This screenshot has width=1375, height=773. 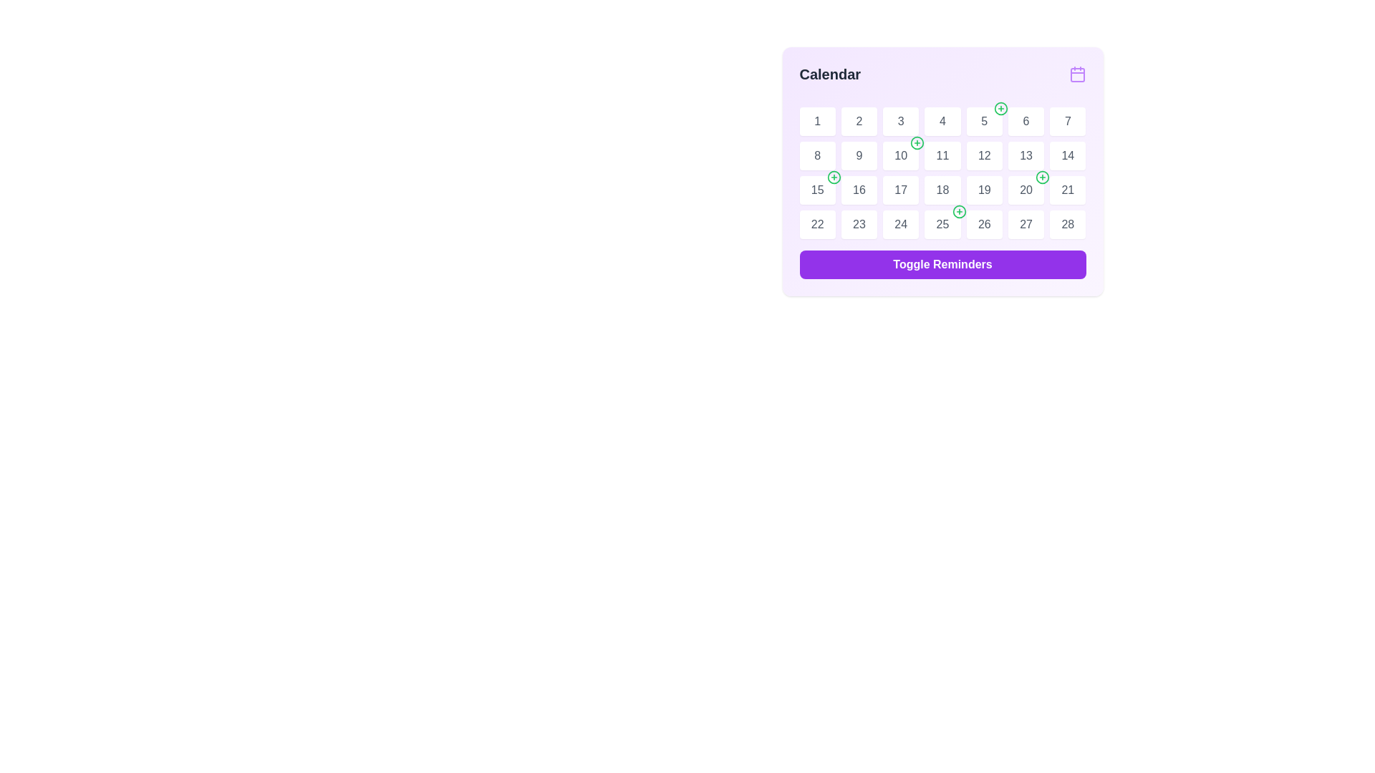 What do you see at coordinates (900, 120) in the screenshot?
I see `the Text label indicating the third day of the month in the calendar grid located in the first row and third column` at bounding box center [900, 120].